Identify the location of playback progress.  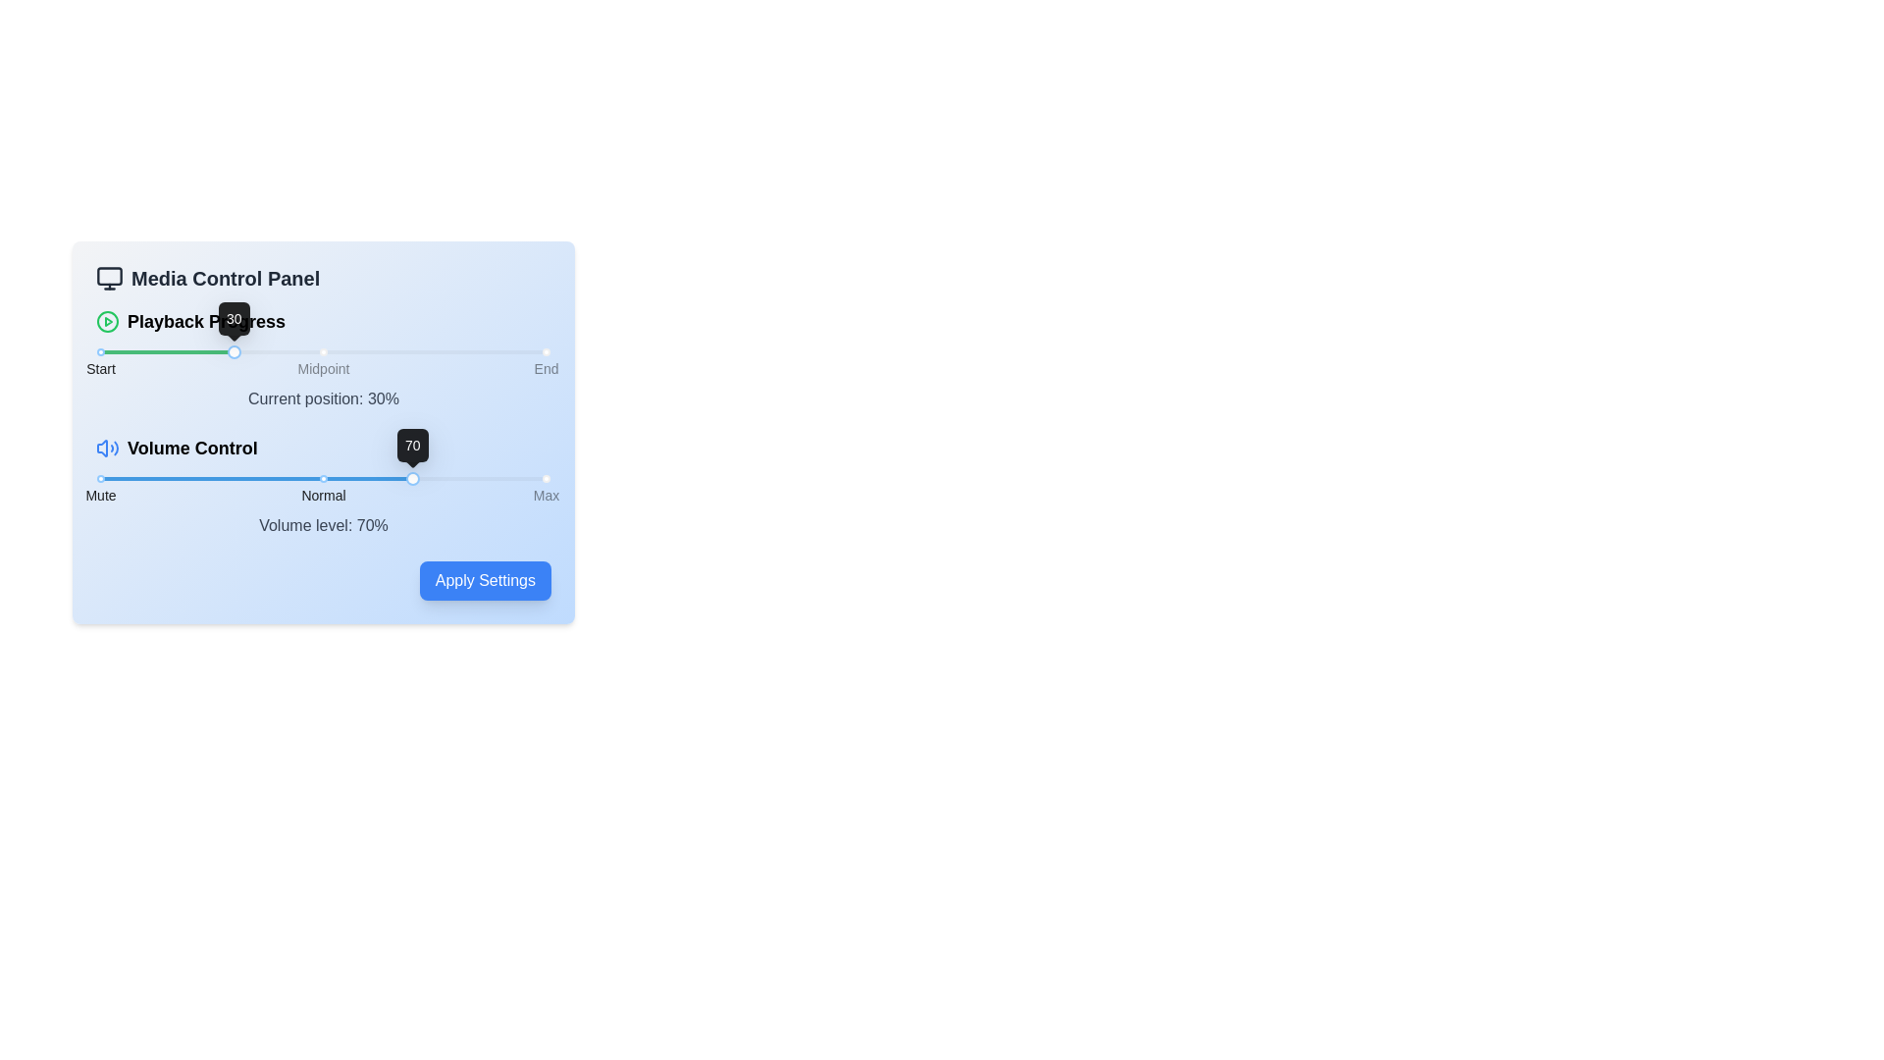
(501, 350).